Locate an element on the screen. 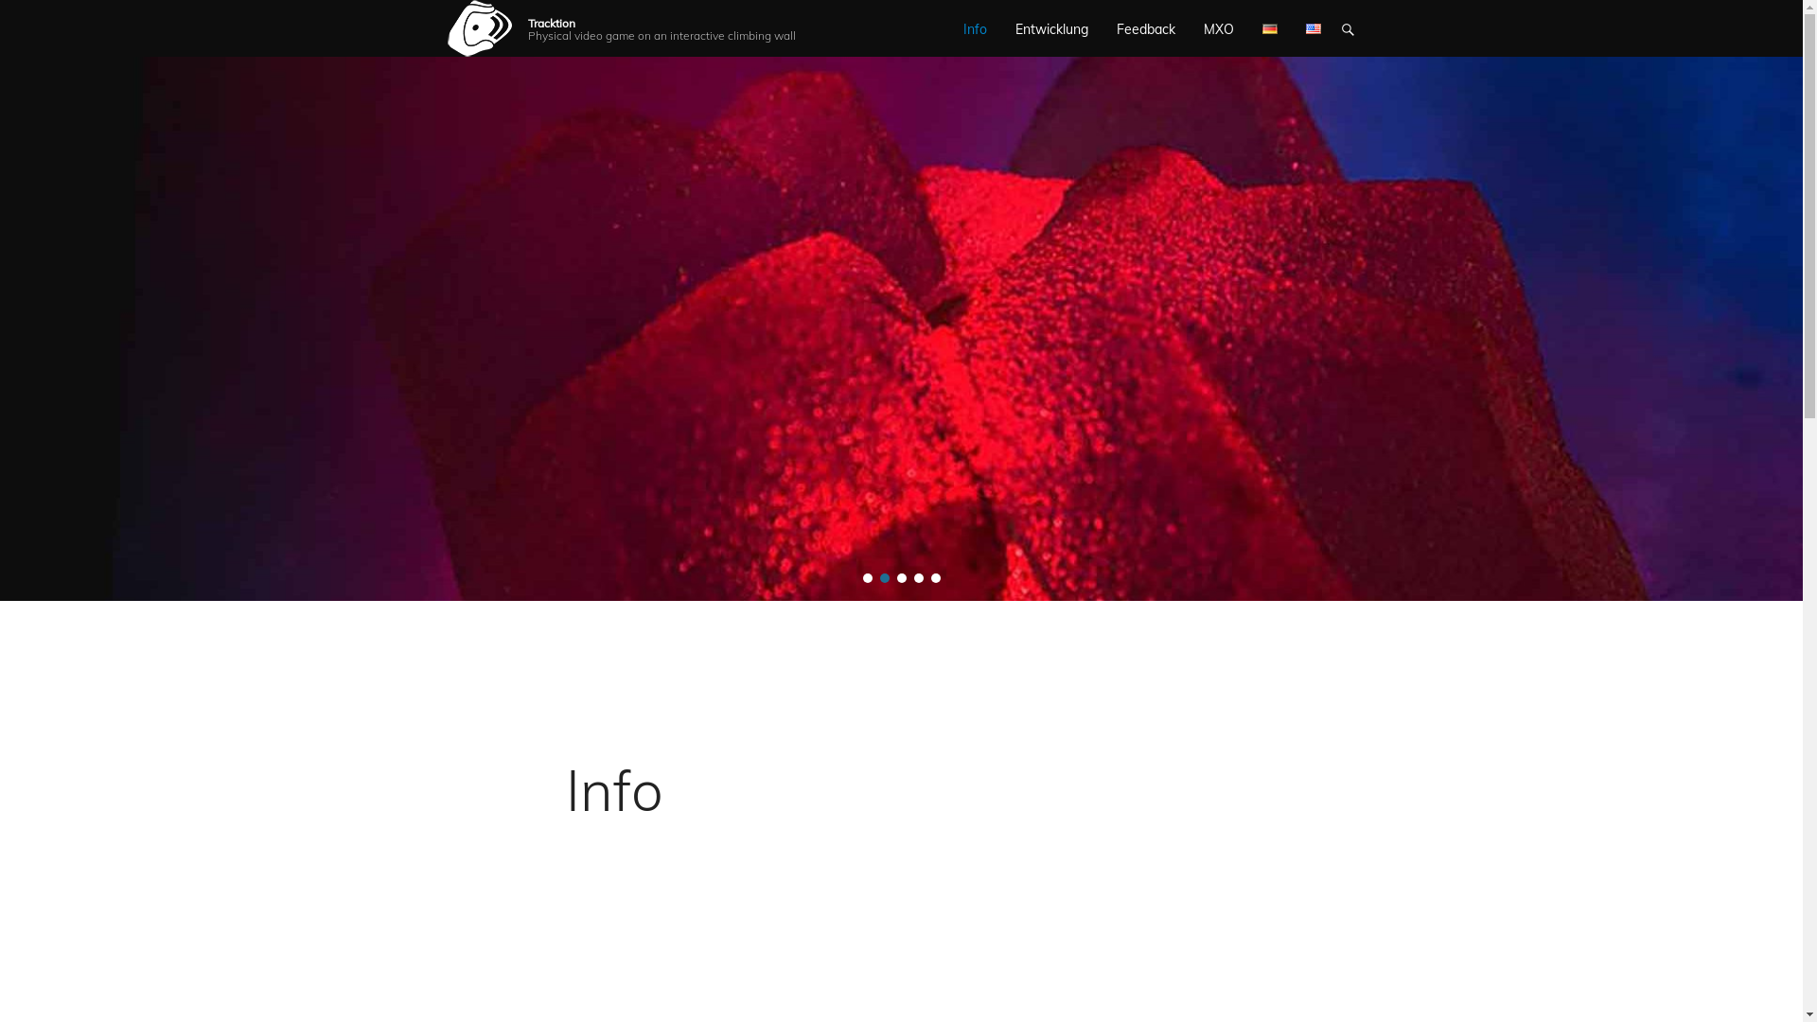 The width and height of the screenshot is (1817, 1022). '4' is located at coordinates (913, 576).